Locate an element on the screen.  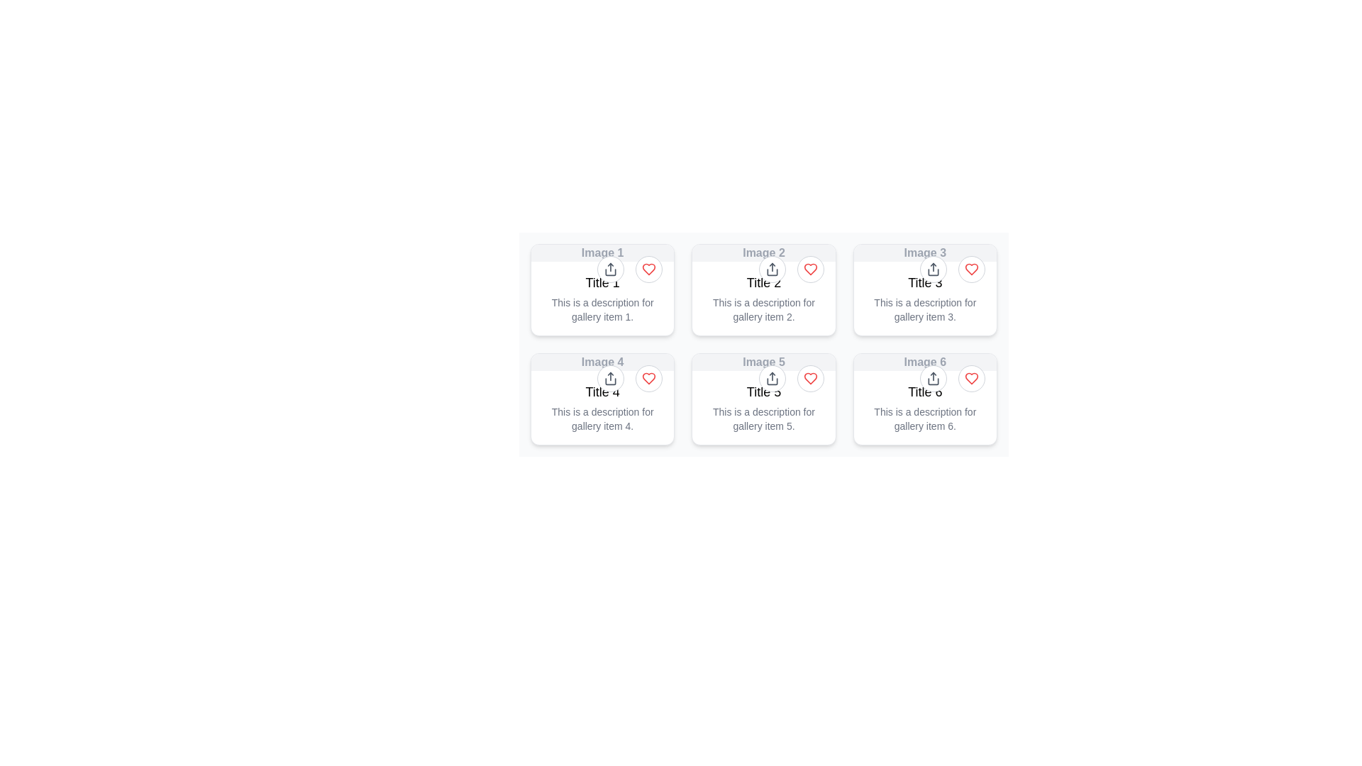
the static text label that reads 'Image 1' displayed in a gray, bold font at the top of the first card in a grid layout is located at coordinates (602, 252).